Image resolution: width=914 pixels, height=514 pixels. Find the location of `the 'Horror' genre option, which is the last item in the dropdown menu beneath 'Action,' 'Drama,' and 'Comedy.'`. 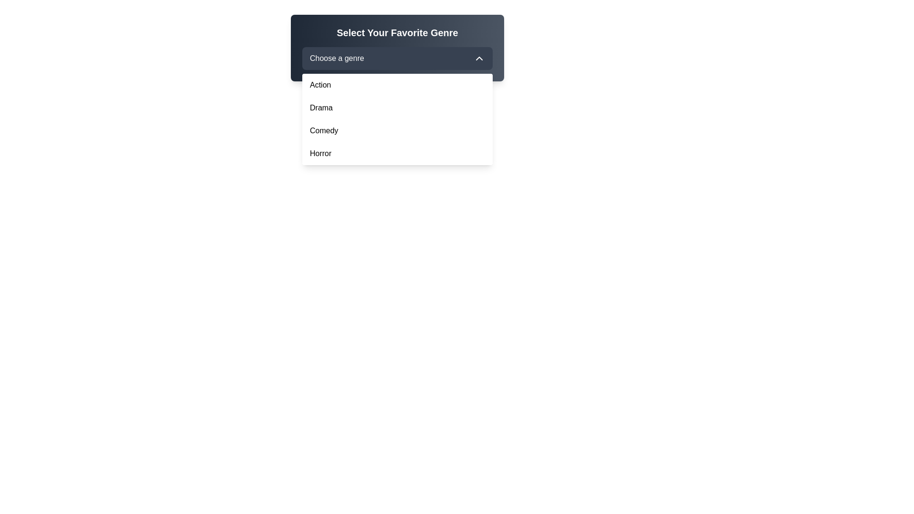

the 'Horror' genre option, which is the last item in the dropdown menu beneath 'Action,' 'Drama,' and 'Comedy.' is located at coordinates (320, 153).